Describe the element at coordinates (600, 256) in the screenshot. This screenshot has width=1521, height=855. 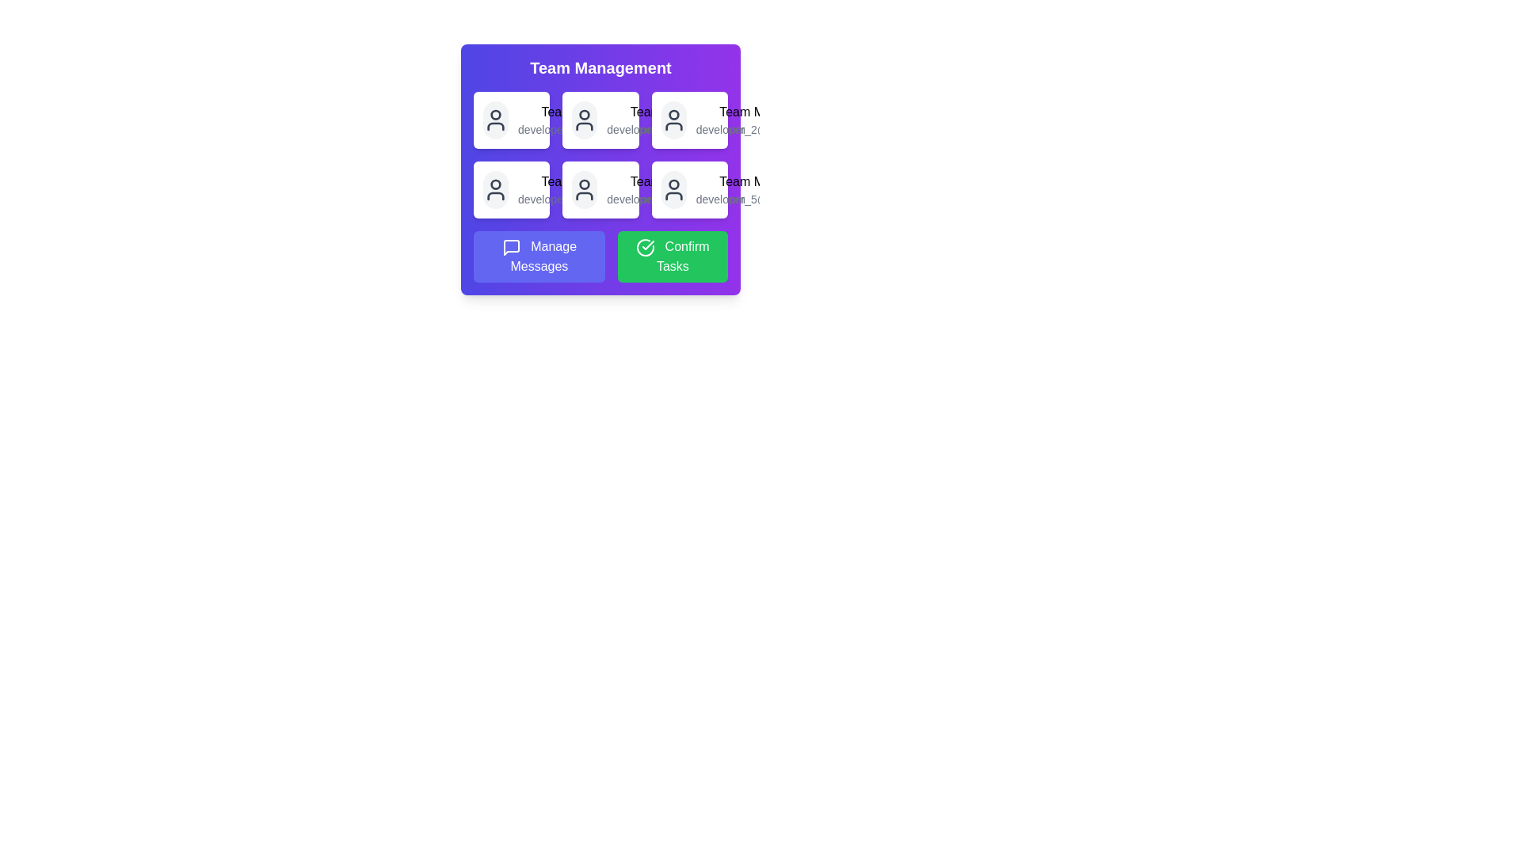
I see `the 'Manage Messages' button, which is part of a button group at the bottom center of the 'Team Management' section` at that location.